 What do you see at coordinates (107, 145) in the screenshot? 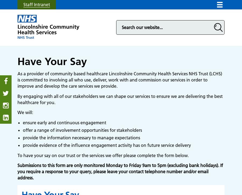
I see `'provide evidence of the influence engagement activity has on future service delivery'` at bounding box center [107, 145].